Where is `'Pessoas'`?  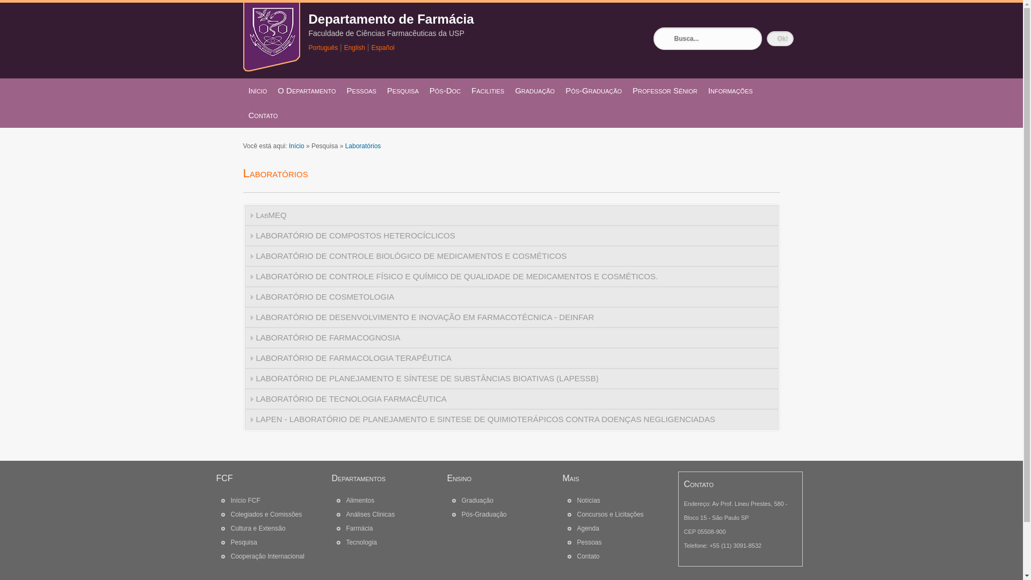 'Pessoas' is located at coordinates (361, 90).